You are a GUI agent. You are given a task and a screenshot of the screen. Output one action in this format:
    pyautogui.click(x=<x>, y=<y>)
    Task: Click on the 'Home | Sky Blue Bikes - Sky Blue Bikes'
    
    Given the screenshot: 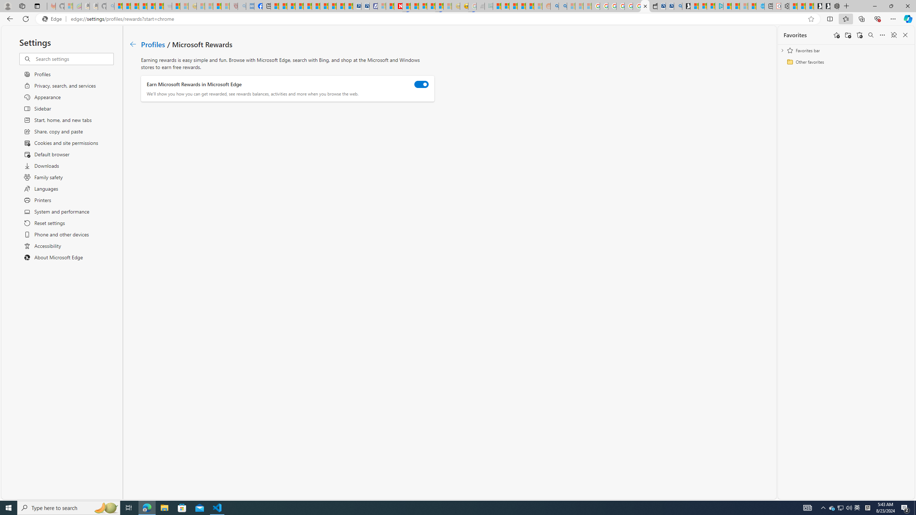 What is the action you would take?
    pyautogui.click(x=760, y=6)
    